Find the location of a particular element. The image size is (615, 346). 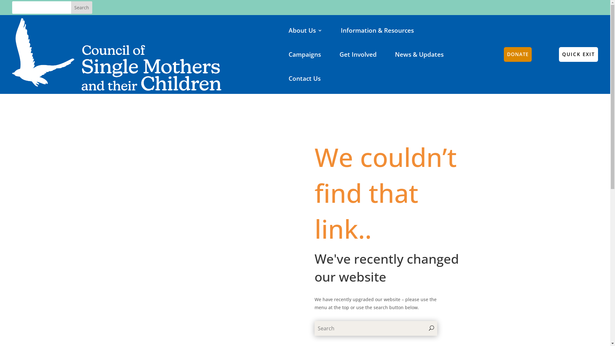

'Get Involved' is located at coordinates (358, 54).